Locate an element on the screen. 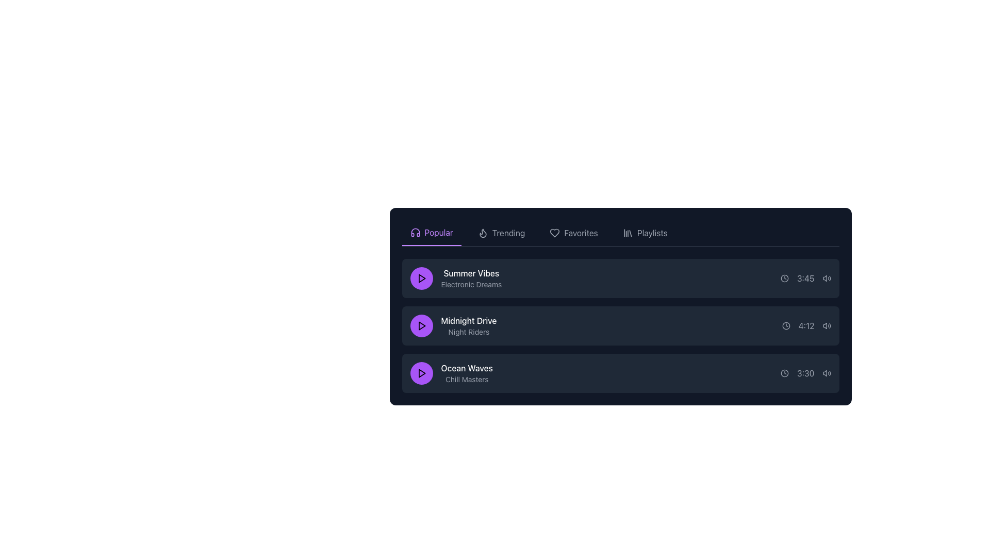 This screenshot has height=557, width=990. the play button located to the left of the text 'Summer Vibes' and 'Electronic Dreams' in the first item of the music track list is located at coordinates (421, 278).